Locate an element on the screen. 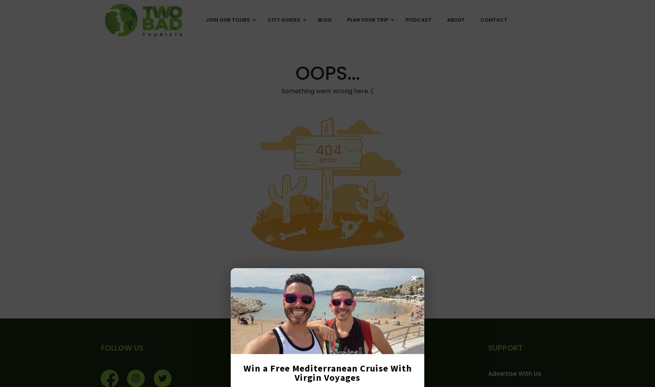  'USEFUL PAGES' is located at coordinates (398, 348).